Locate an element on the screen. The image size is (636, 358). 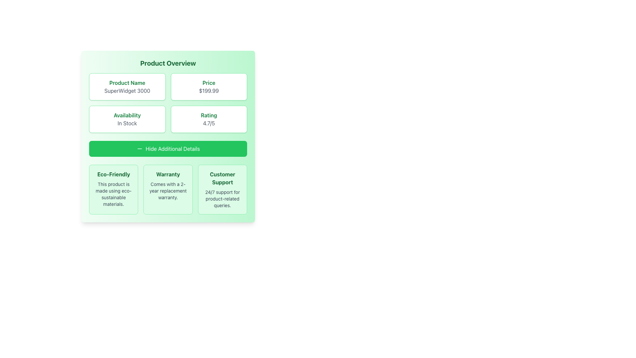
the text display that contains 'Comes with a 2-year replacement warranty.' within the light green box in the 'Warranty' section is located at coordinates (168, 191).